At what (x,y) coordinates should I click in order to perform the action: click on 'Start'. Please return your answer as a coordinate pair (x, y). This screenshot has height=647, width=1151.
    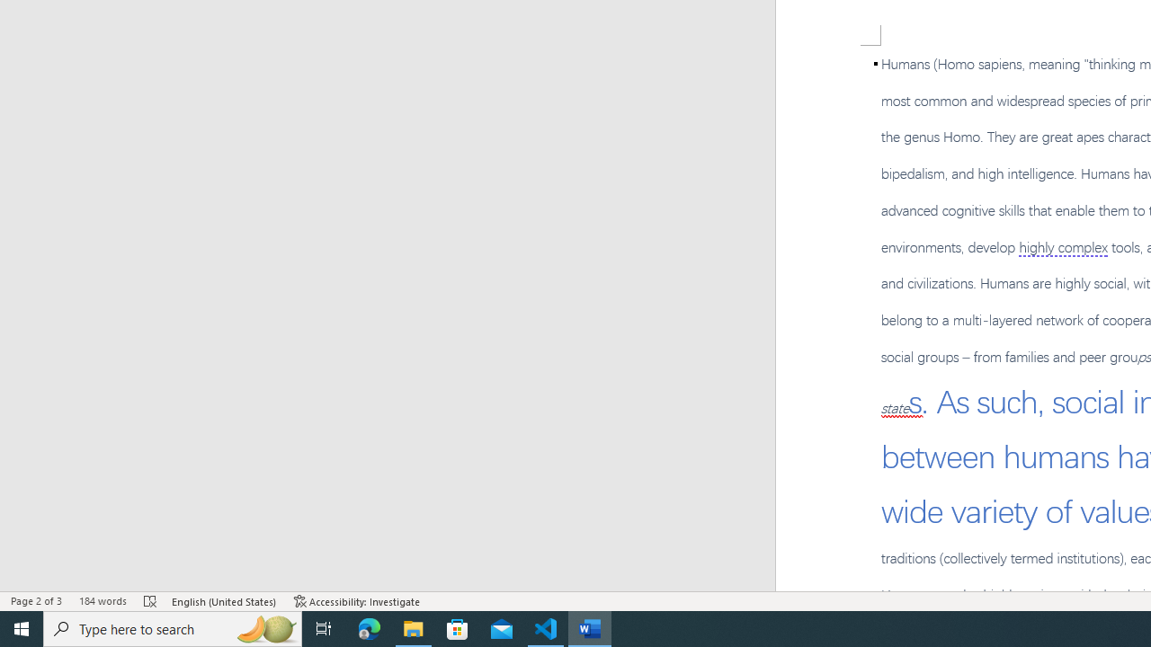
    Looking at the image, I should click on (22, 627).